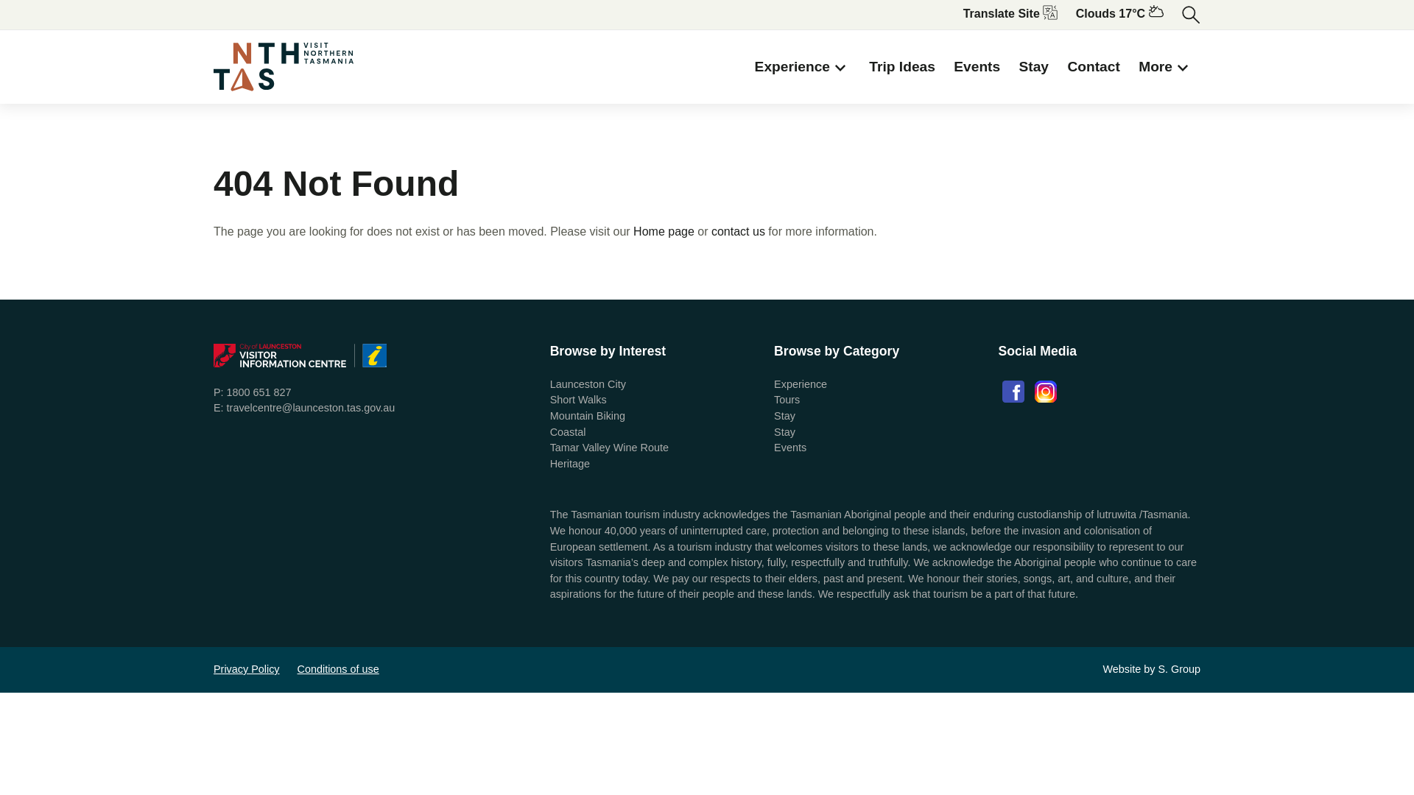 This screenshot has height=795, width=1414. I want to click on 'Instagram', so click(1045, 391).